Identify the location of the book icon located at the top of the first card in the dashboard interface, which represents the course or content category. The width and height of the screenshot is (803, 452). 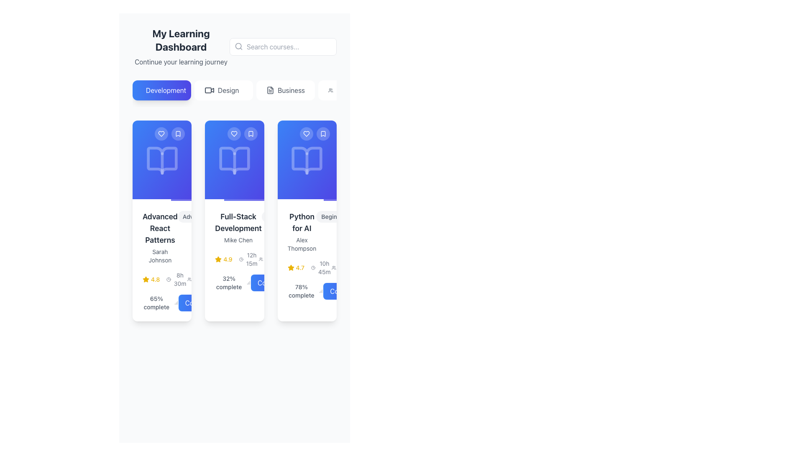
(162, 161).